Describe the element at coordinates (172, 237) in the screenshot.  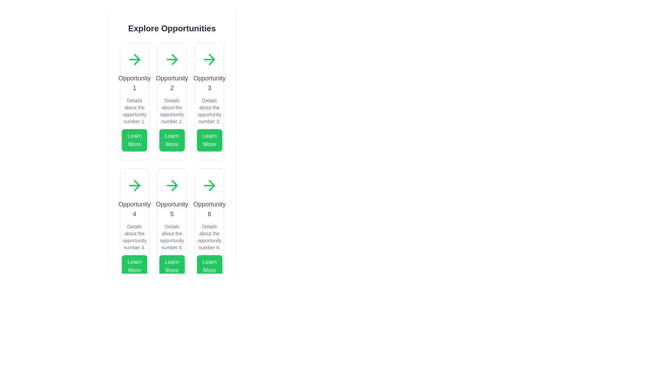
I see `the descriptive text element displaying 'Details about the opportunity number 5.' which is located below the header 'Opportunity 5' and above the button labeled 'Learn More'` at that location.